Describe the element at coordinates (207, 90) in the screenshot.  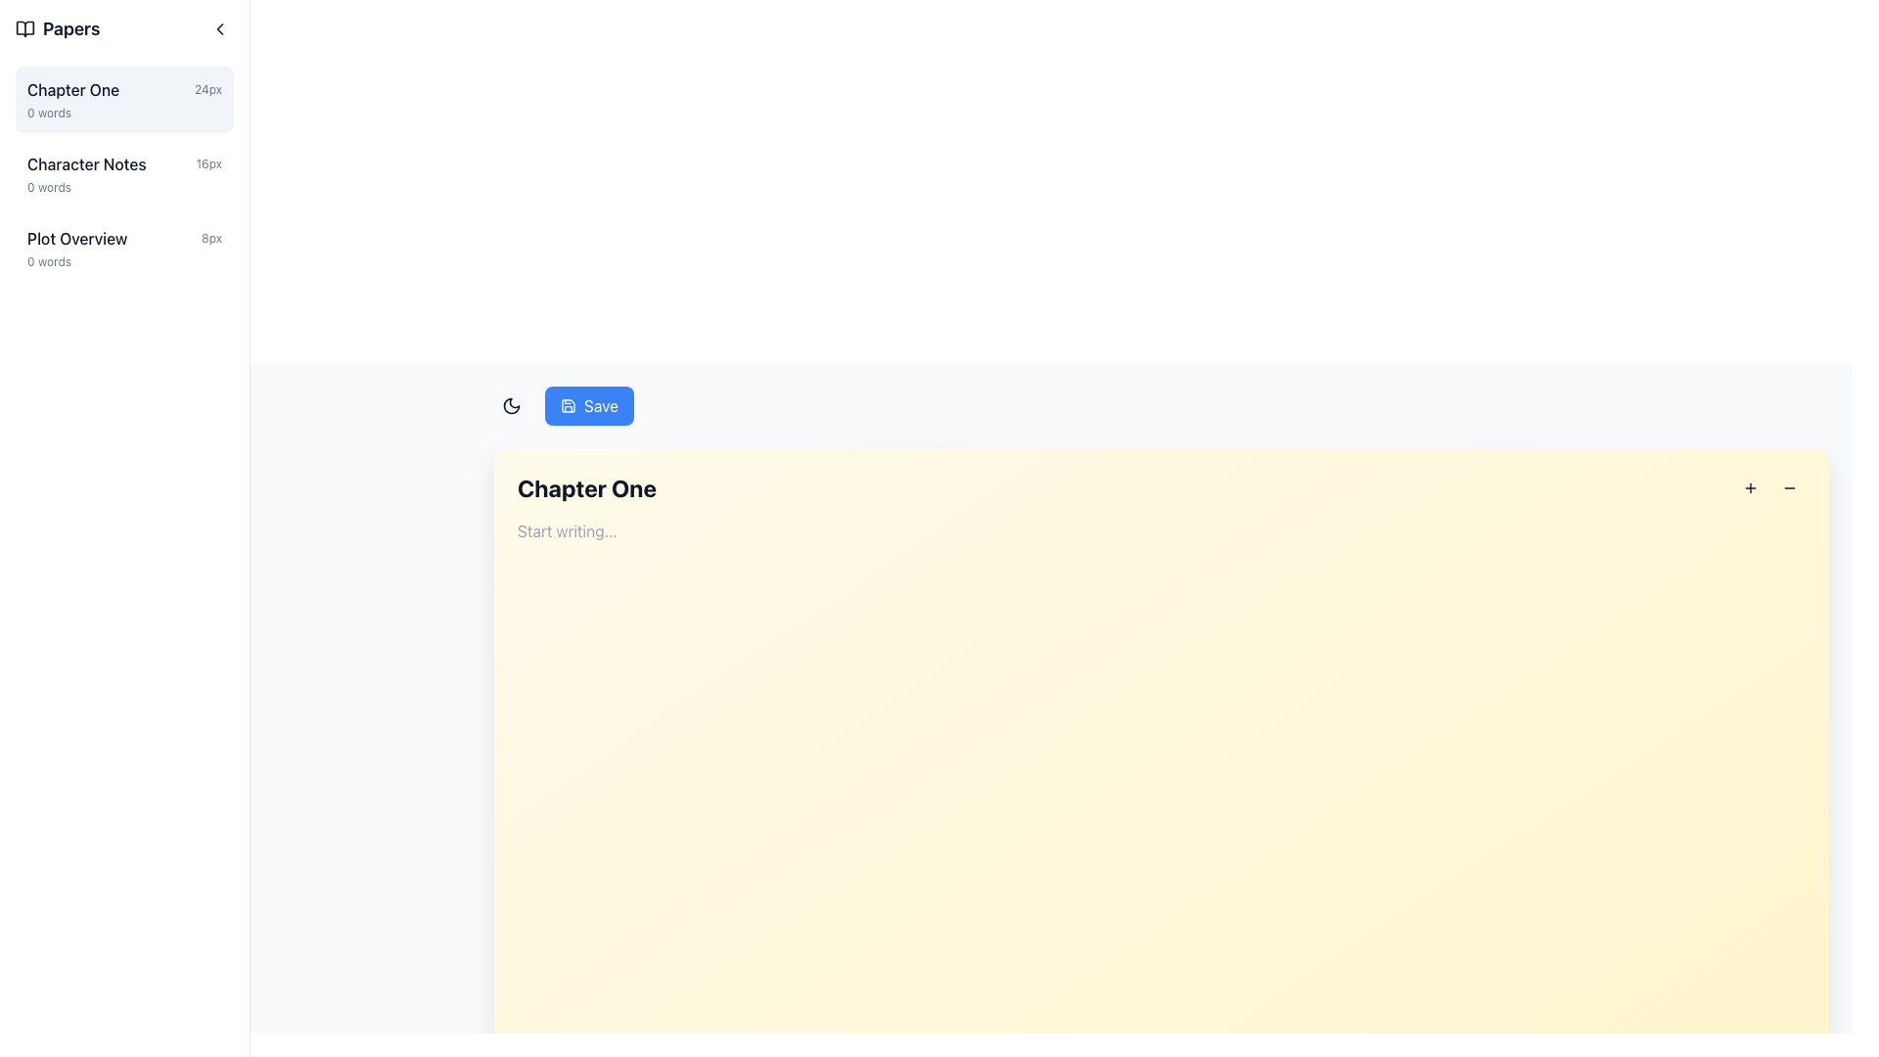
I see `the informational Text label that indicates the size or related property of the nearby text, positioned to the right of 'Chapter One'` at that location.